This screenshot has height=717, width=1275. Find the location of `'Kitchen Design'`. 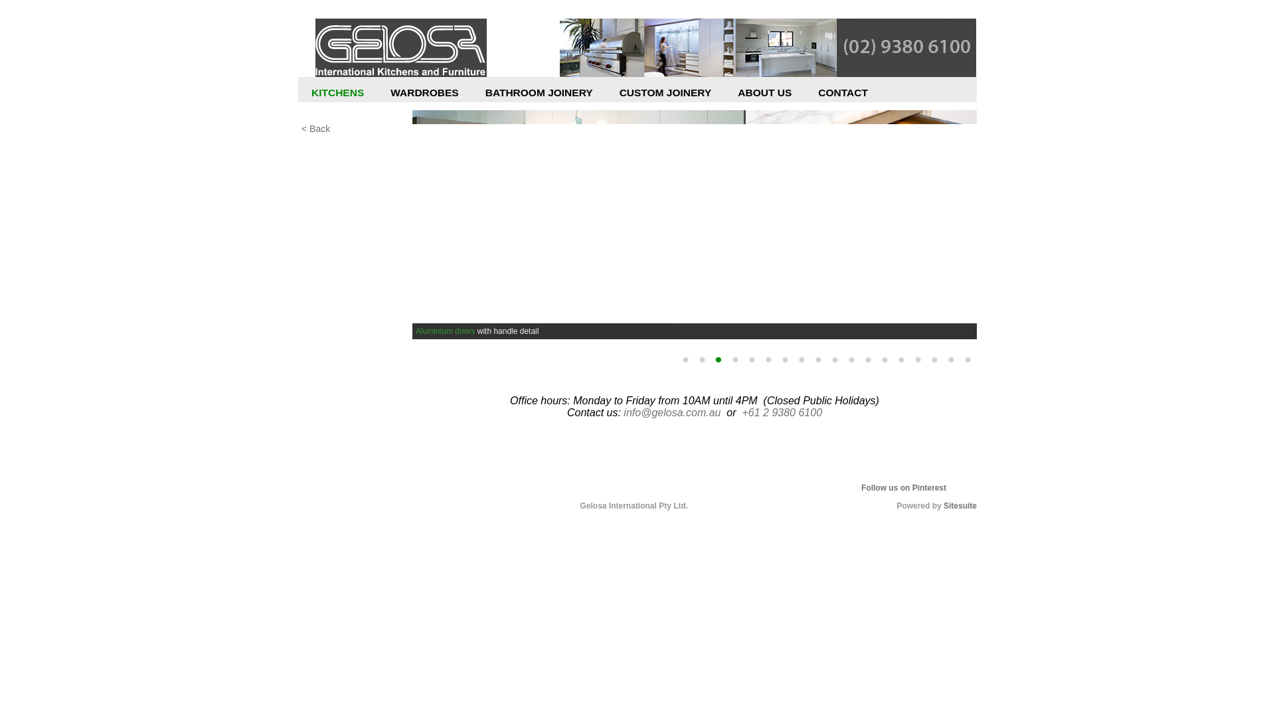

'Kitchen Design' is located at coordinates (354, 145).